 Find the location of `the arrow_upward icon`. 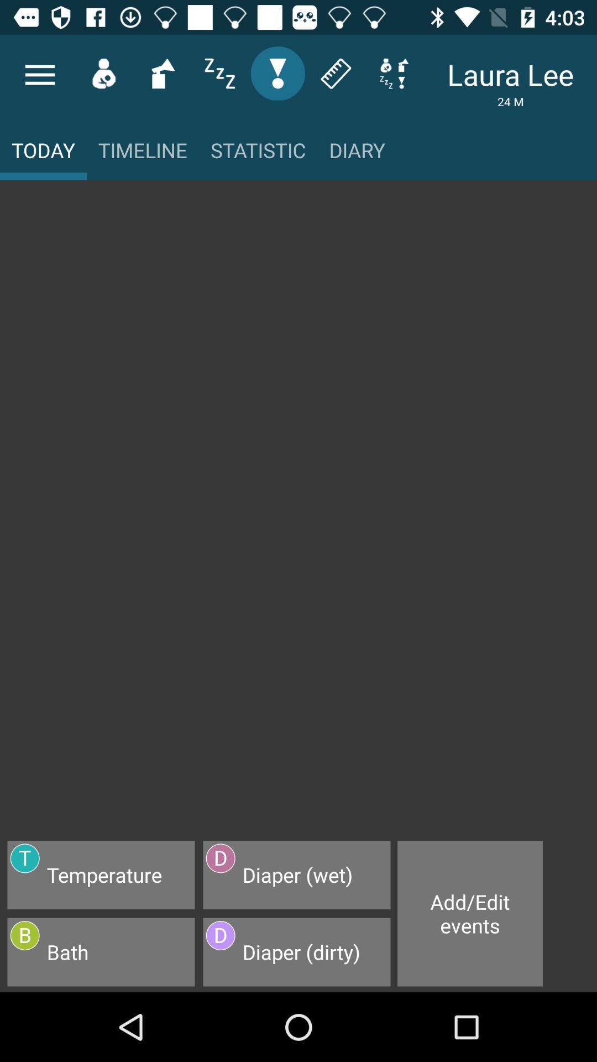

the arrow_upward icon is located at coordinates (161, 72).